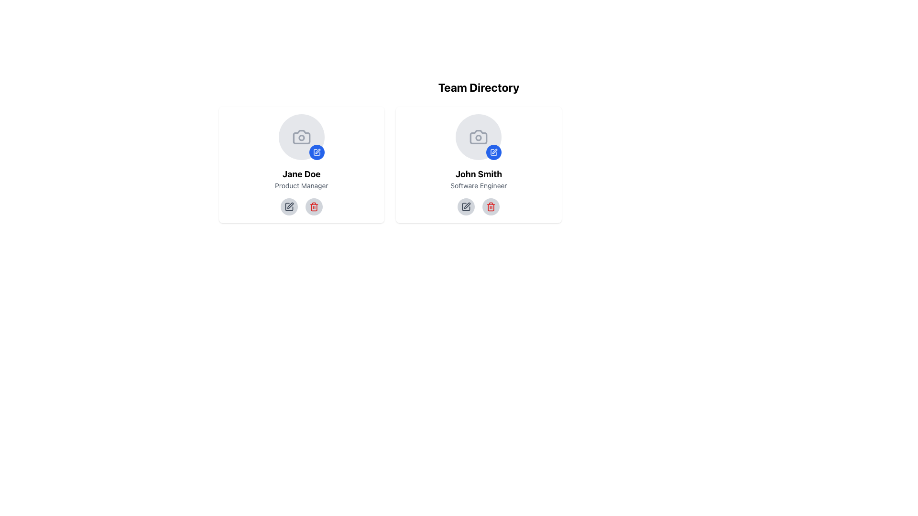  I want to click on the camera icon button located at the center of the user's profile card for Jane Doe, so click(301, 137).